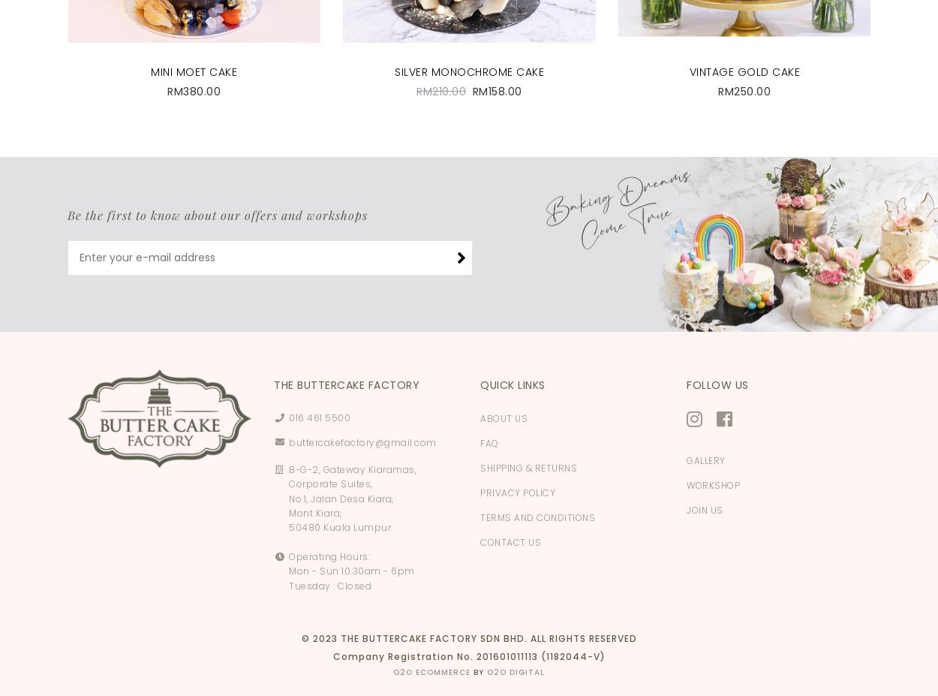 This screenshot has width=938, height=696. What do you see at coordinates (340, 526) in the screenshot?
I see `'50480 Kuala Lumpur.'` at bounding box center [340, 526].